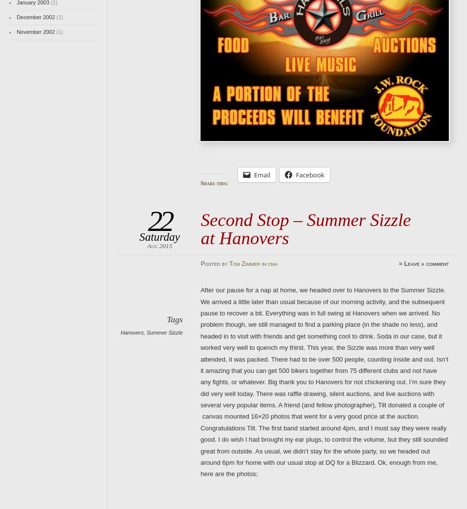  I want to click on 'After our pause for a nap at home, we headed over to Hanovers to the Summer Sizzle. We arrived a little later than usual because of our morning activity, and the subsequent pause to recover a bit. Everything was in full swing at Hanovers when we arrived. No problem though, we still managed to find a parking place (in the shade no less), and headed in to visit with friends and get something cool to drink. Soda in our case, but it worked very well to quench my thirst. This year, the Sizzle was more than very well attended, it was packed. There had to be over 500 people, counting inside and out. Isn’t it amazing that you can get 500 bikers together from 75 different clubs and not have any fights, or whatever. Big thank you to Hanovers for not chickening out. I’m sure they did very well today. There was raffle drawing, silent auctions, and live auctions with several very popular items. A friend (and fellow photographer), Tilt donated a couple of  canvas mounted 16×20 photos that went for a very good price at the auction. Congratulations Tilt. The first band started around 4pm, and I must say they were really good. I do wish I had brought my ear plugs, to control the volume, but they still sounded great from outside. As usual, we didn’t stay for the whole party, so we headed out around 6pm for home with our usual stop at DQ for a Blizzard. Ok, enough from me, here are the photos;', so click(324, 382).